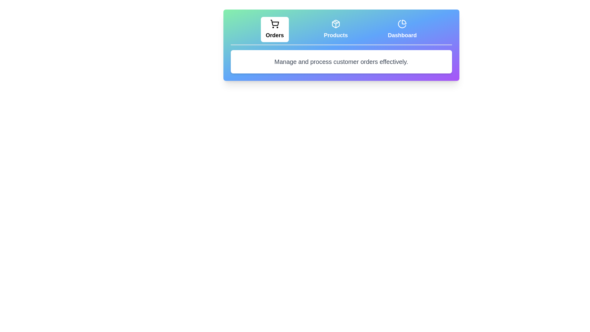 This screenshot has height=332, width=590. What do you see at coordinates (402, 30) in the screenshot?
I see `the tab labeled Dashboard to display its associated text` at bounding box center [402, 30].